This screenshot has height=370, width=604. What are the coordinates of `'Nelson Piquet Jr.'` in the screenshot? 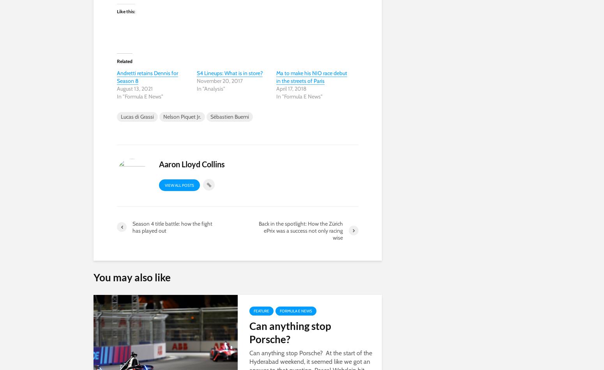 It's located at (182, 116).